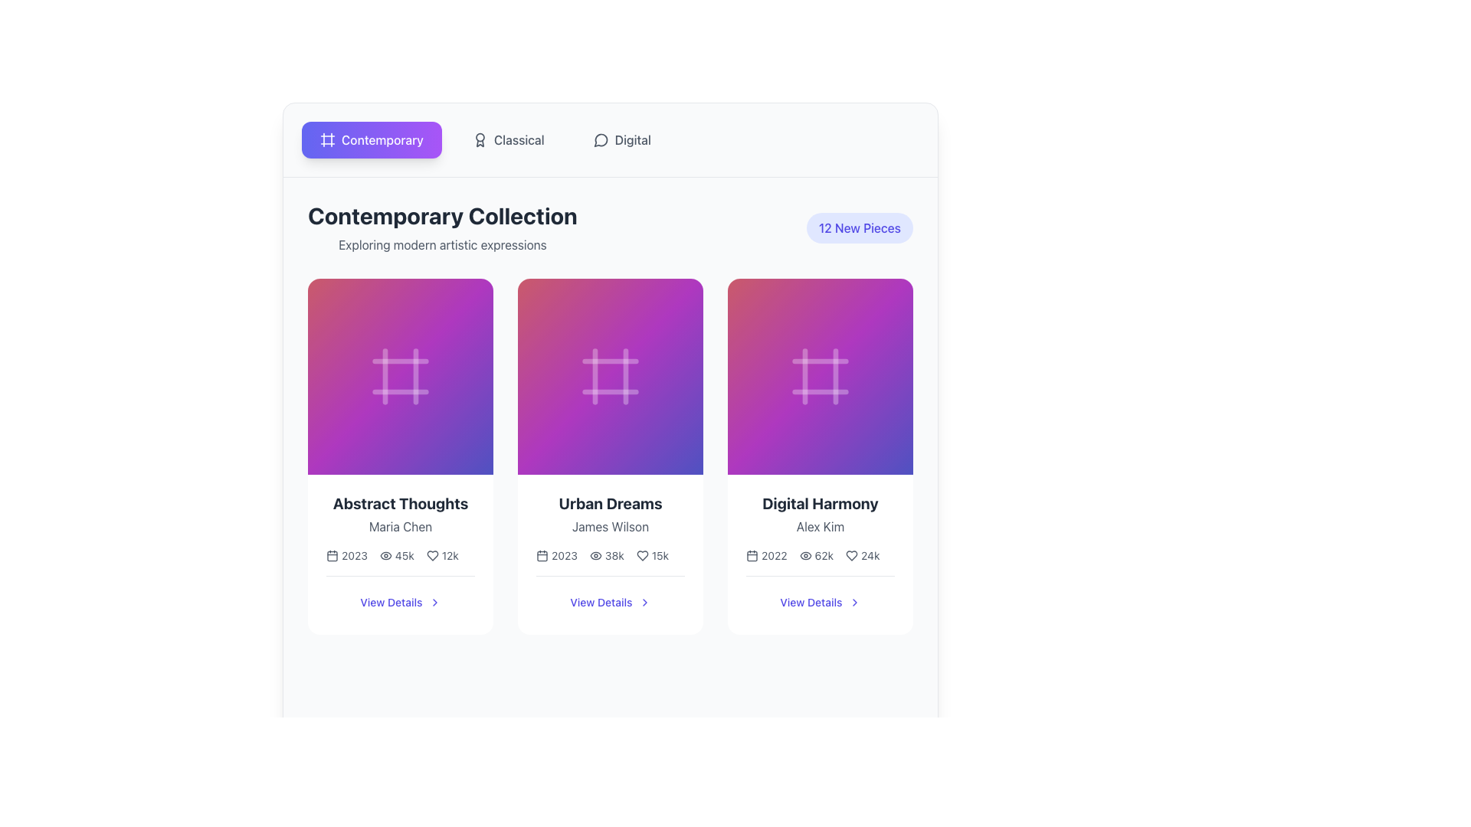 Image resolution: width=1471 pixels, height=827 pixels. Describe the element at coordinates (441, 215) in the screenshot. I see `the text block labeled 'Contemporary Collection' which serves as a header, positioned above the subtitle 'Exploring modern artistic expressions'` at that location.